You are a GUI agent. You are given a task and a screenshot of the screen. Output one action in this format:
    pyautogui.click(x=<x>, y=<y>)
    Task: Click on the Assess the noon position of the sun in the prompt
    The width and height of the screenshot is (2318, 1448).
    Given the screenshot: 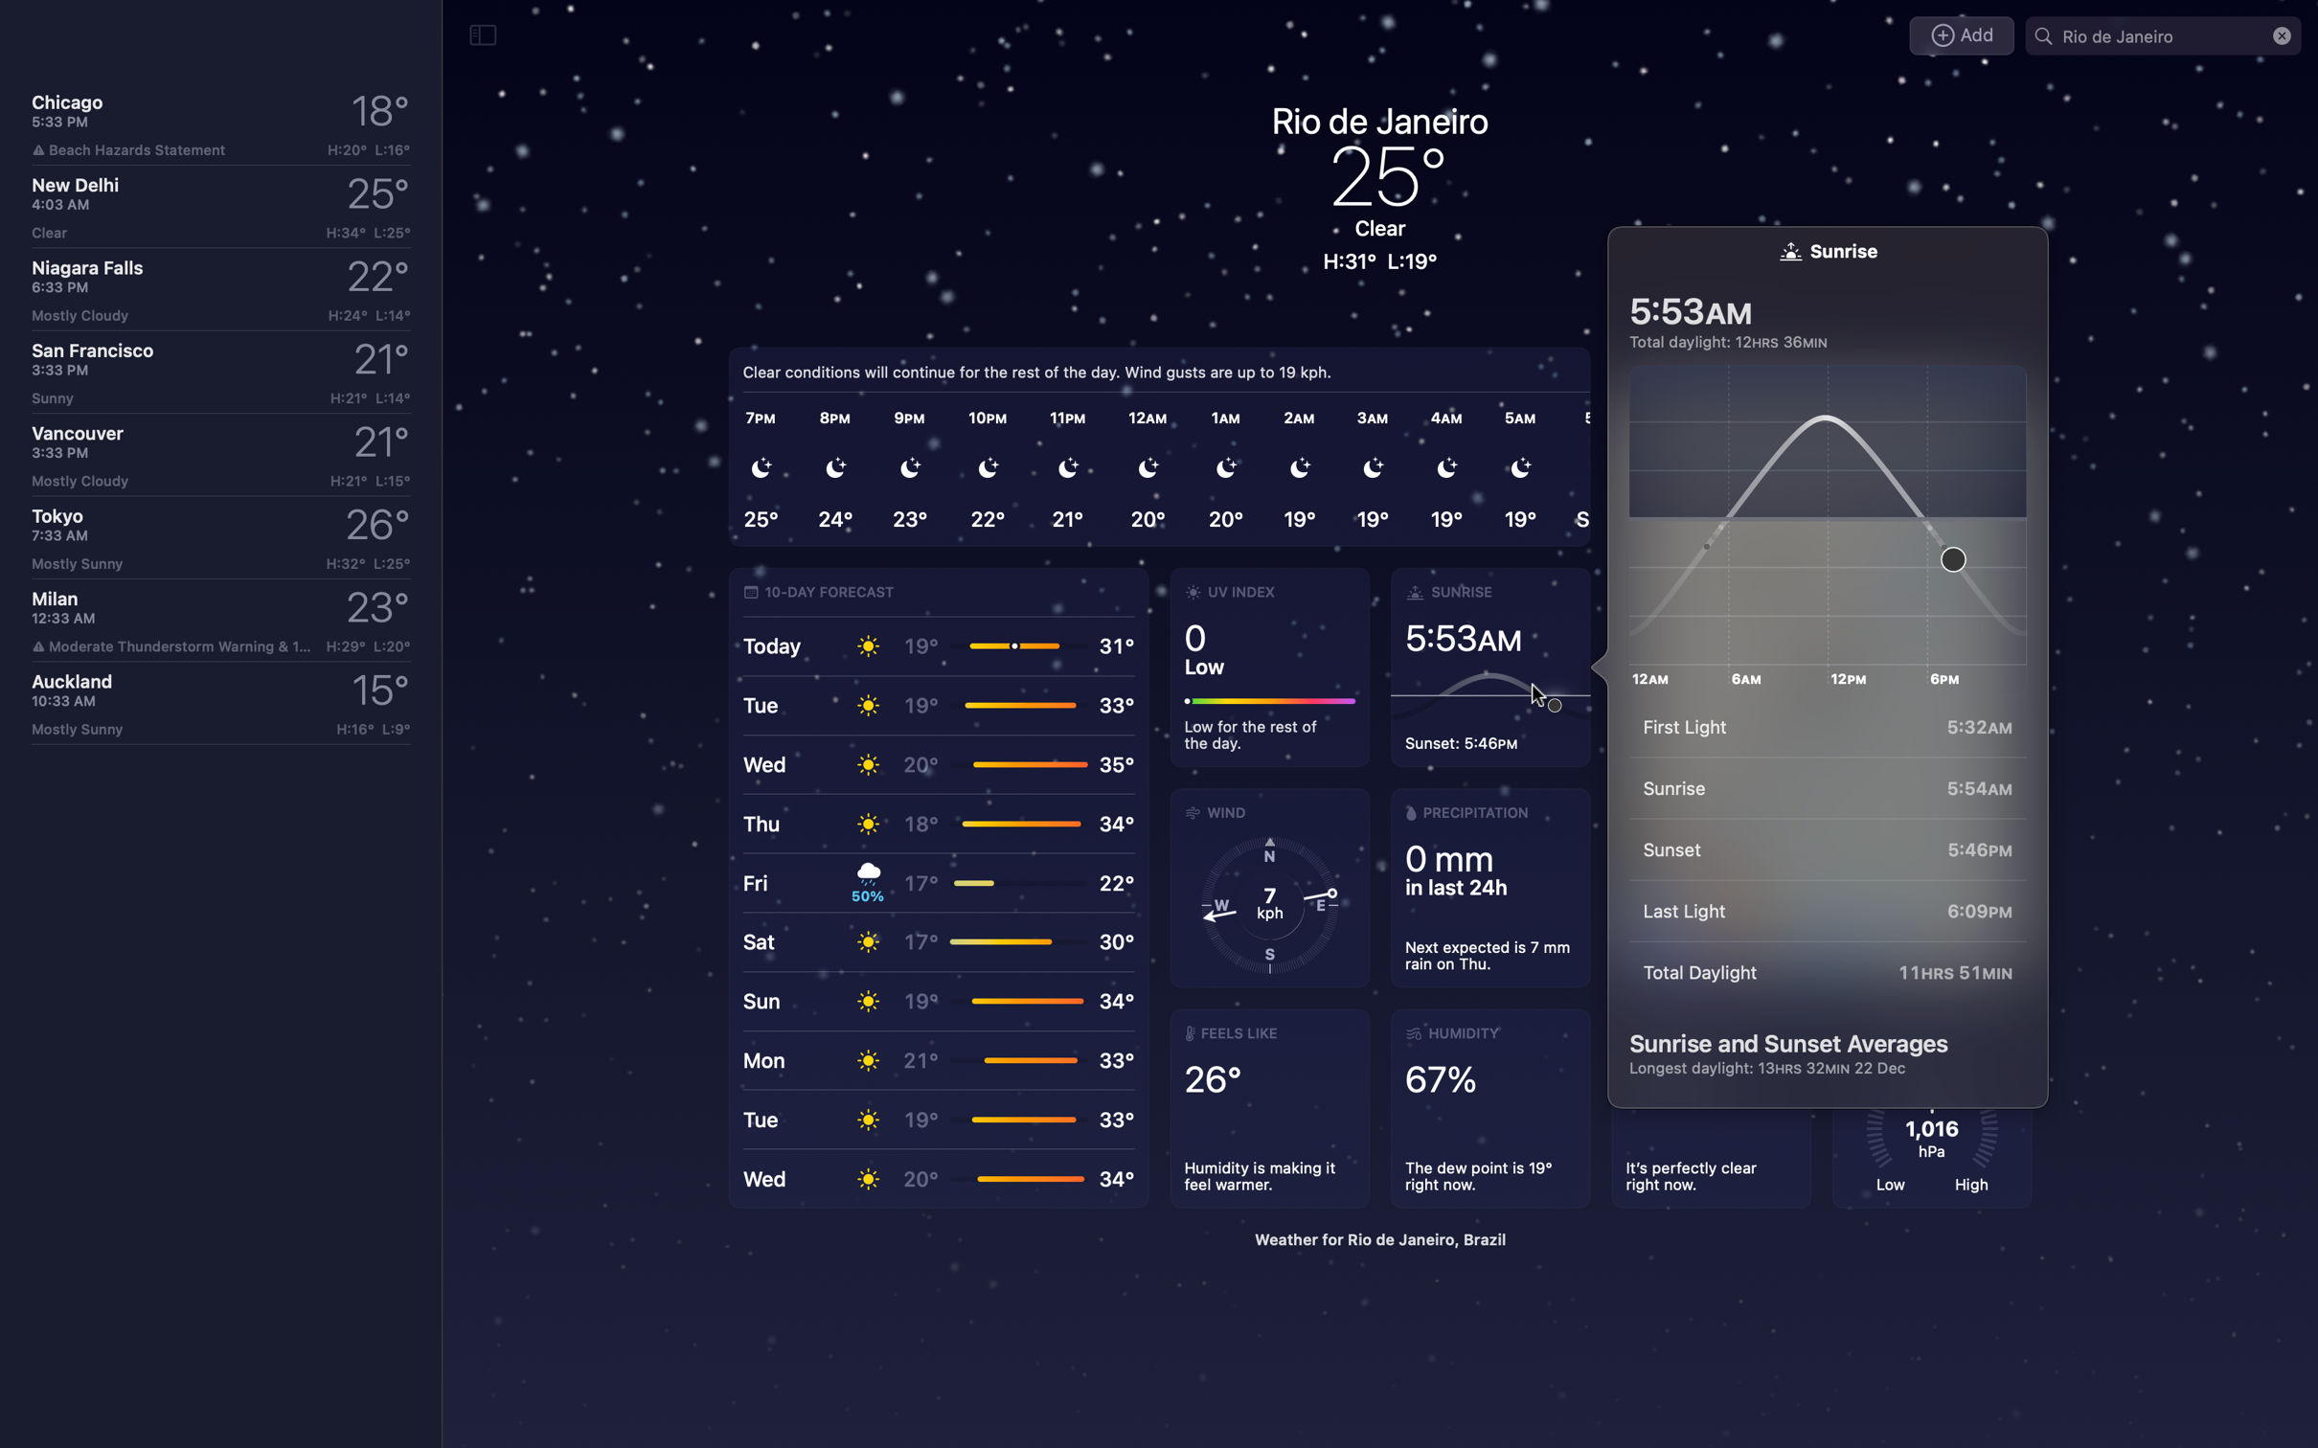 What is the action you would take?
    pyautogui.click(x=1835, y=516)
    